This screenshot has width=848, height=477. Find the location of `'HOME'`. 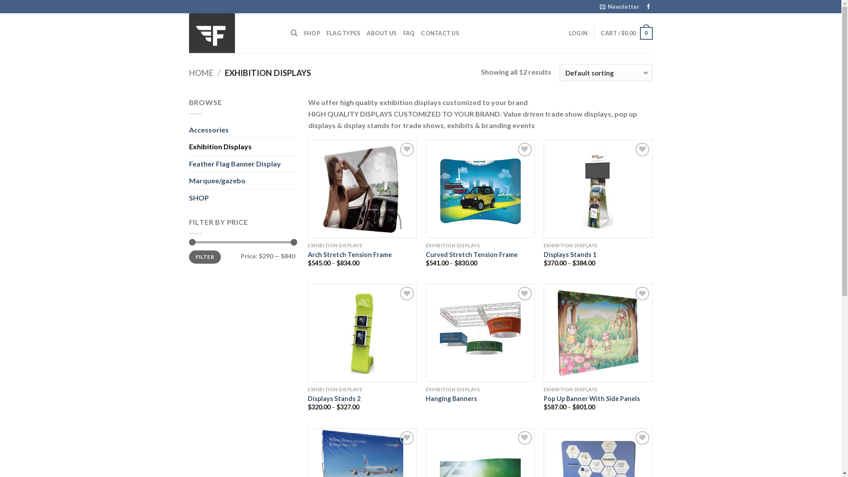

'HOME' is located at coordinates (188, 72).